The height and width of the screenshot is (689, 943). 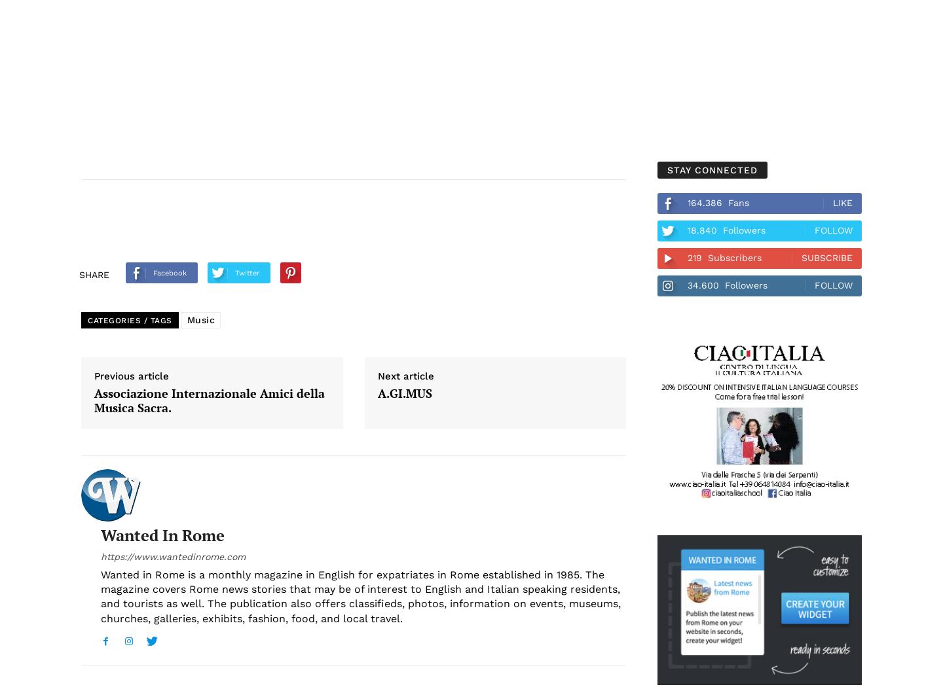 What do you see at coordinates (360, 595) in the screenshot?
I see `'Wanted in Rome is a monthly magazine in English for expatriates in Rome established in 1985. The magazine covers Rome news stories that may be of interest to English and Italian speaking residents, and tourists as well. The publication also offers classifieds, photos, information on events, museums, churches, galleries, exhibits, fashion, food, and local travel.'` at bounding box center [360, 595].